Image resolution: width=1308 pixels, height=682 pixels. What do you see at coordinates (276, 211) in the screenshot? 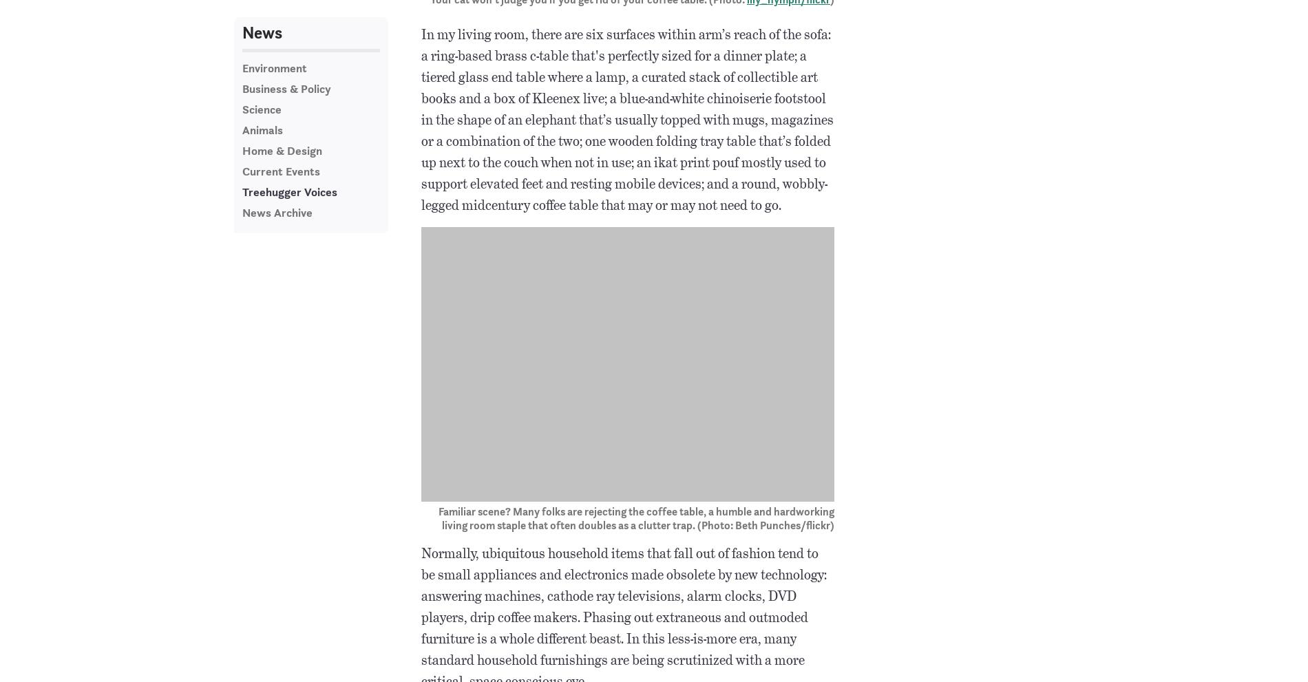
I see `'News Archive'` at bounding box center [276, 211].